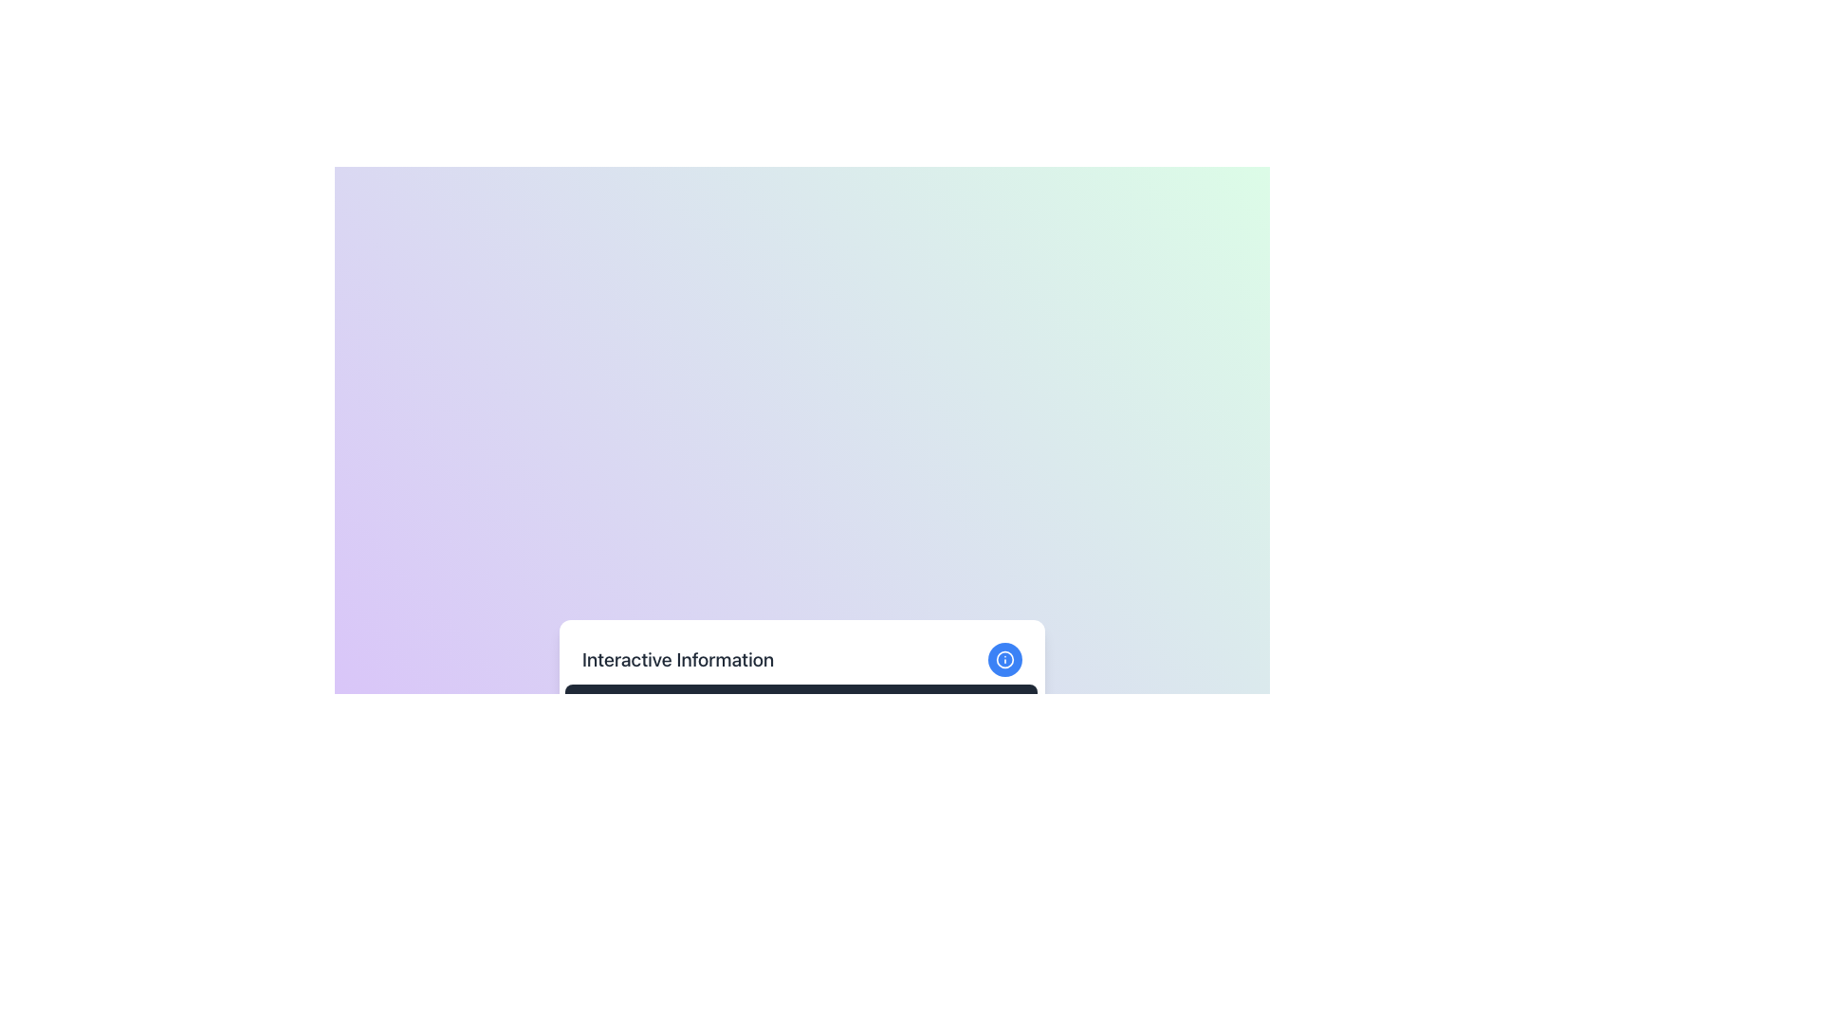 This screenshot has width=1821, height=1024. I want to click on the expandable content indicator icon located immediately to the left of the 'Expand Details' text, so click(589, 703).